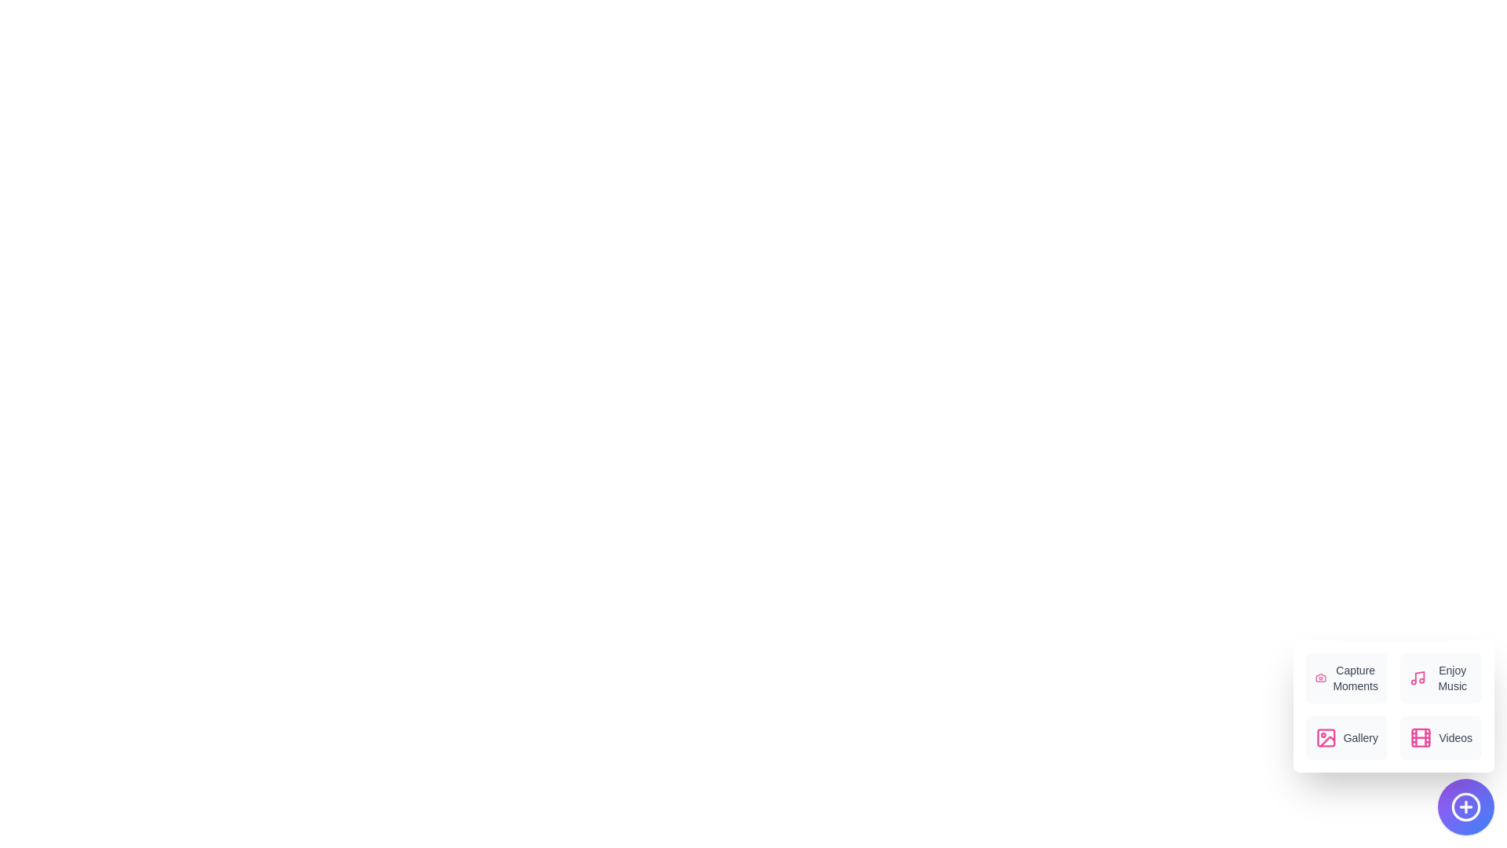 This screenshot has height=848, width=1507. What do you see at coordinates (1441, 738) in the screenshot?
I see `the Videos from the speed dial menu` at bounding box center [1441, 738].